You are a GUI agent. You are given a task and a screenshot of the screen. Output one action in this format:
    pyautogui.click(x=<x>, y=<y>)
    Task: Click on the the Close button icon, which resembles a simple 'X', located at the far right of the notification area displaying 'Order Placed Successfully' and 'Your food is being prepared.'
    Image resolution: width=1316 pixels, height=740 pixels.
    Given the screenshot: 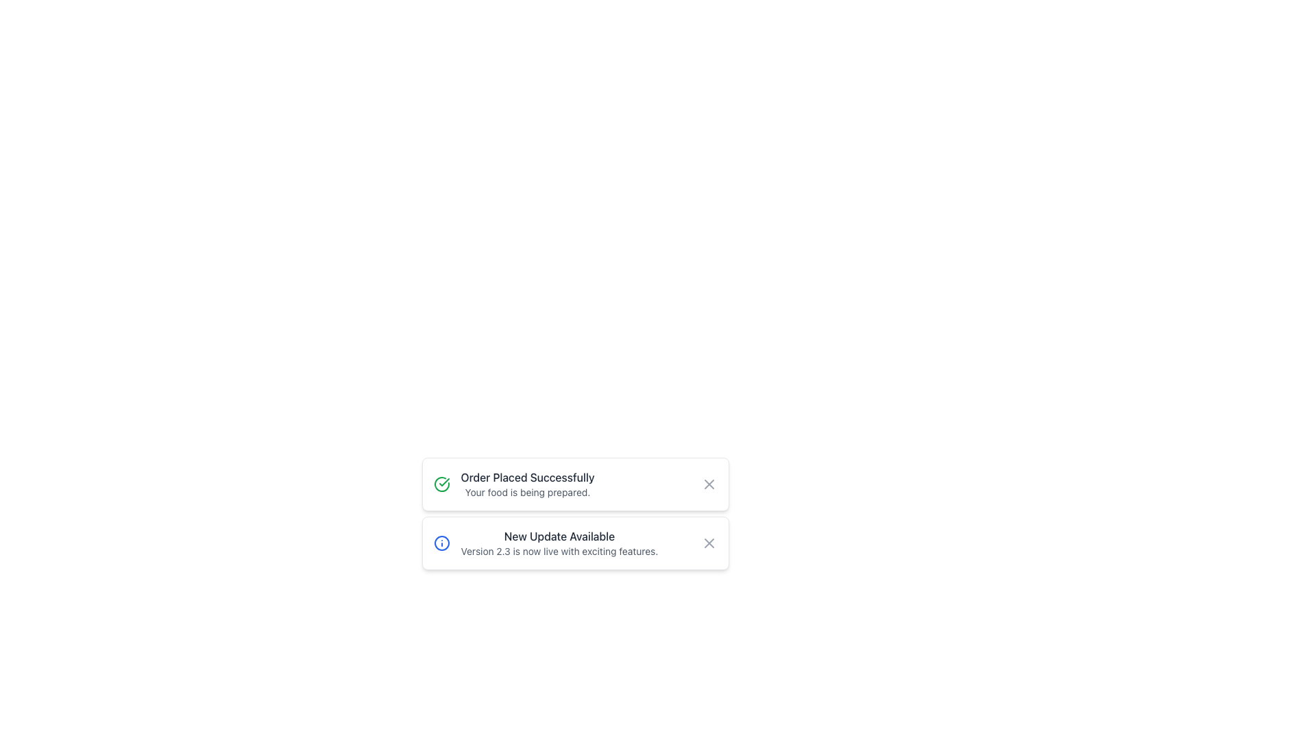 What is the action you would take?
    pyautogui.click(x=709, y=483)
    